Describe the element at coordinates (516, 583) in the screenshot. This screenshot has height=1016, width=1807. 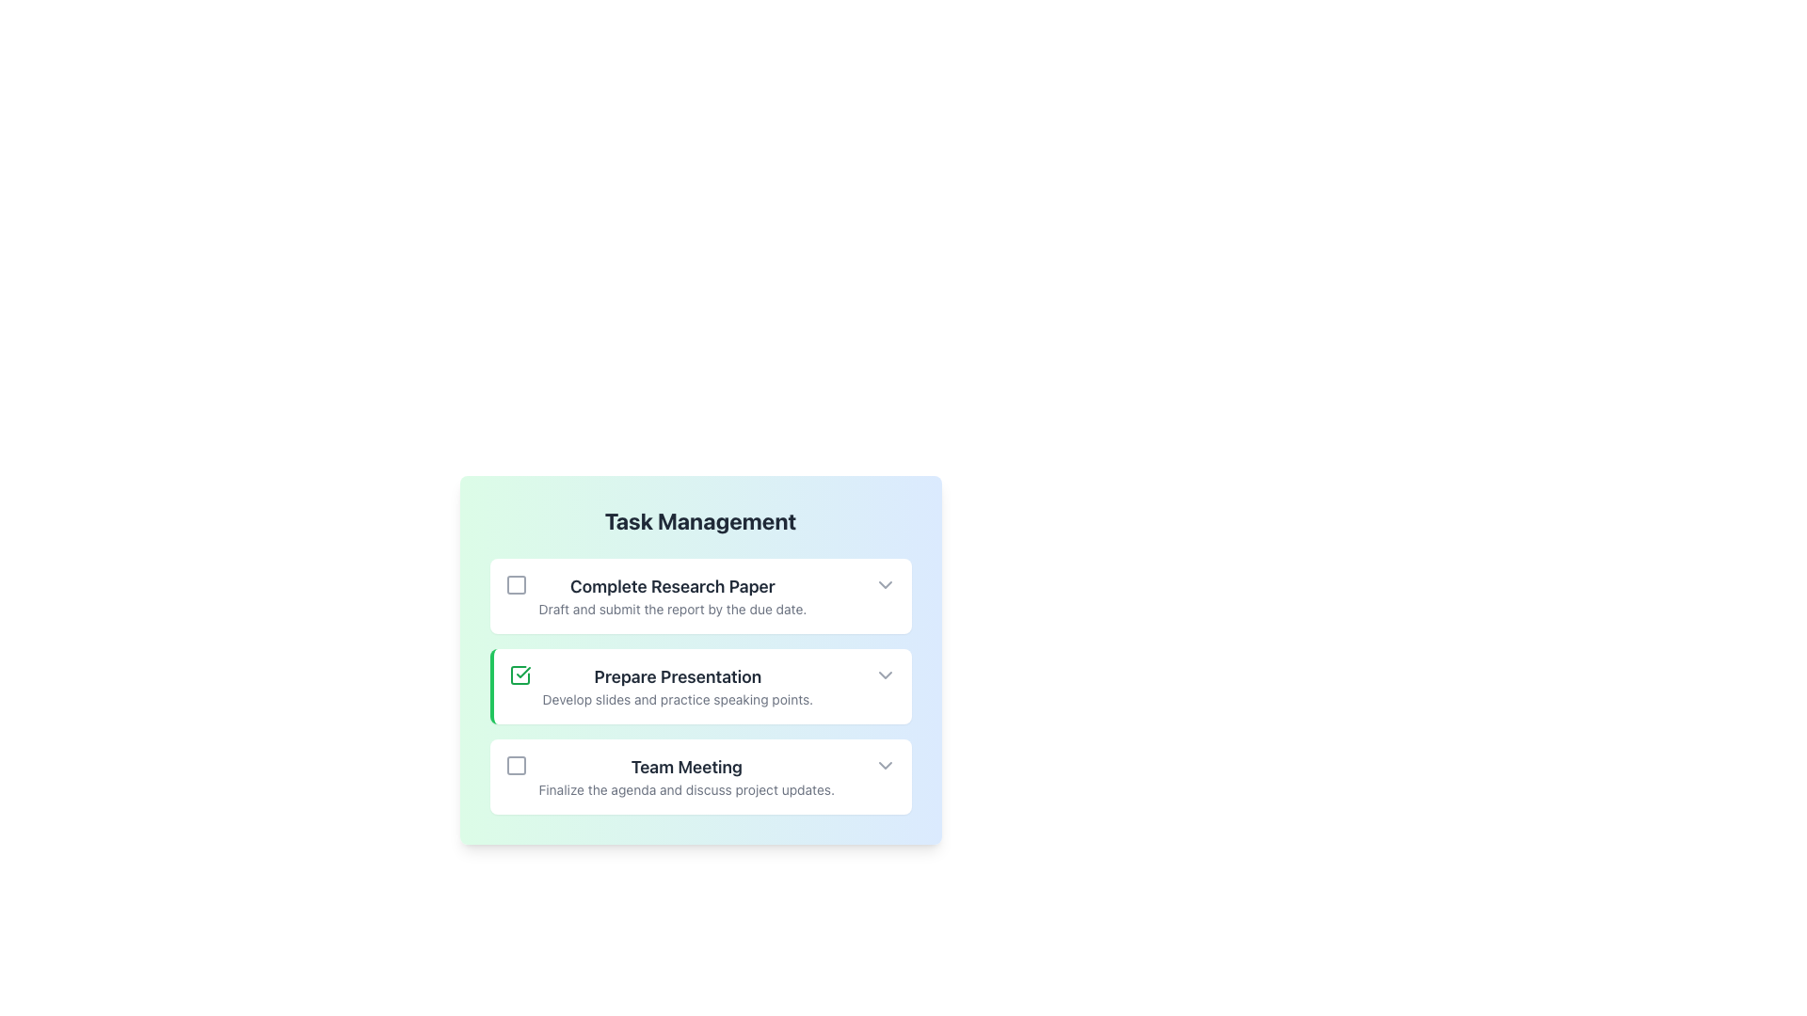
I see `the unchecked checkbox icon located to the left of the 'Complete Research Paper' task in the 'Task Management' section` at that location.